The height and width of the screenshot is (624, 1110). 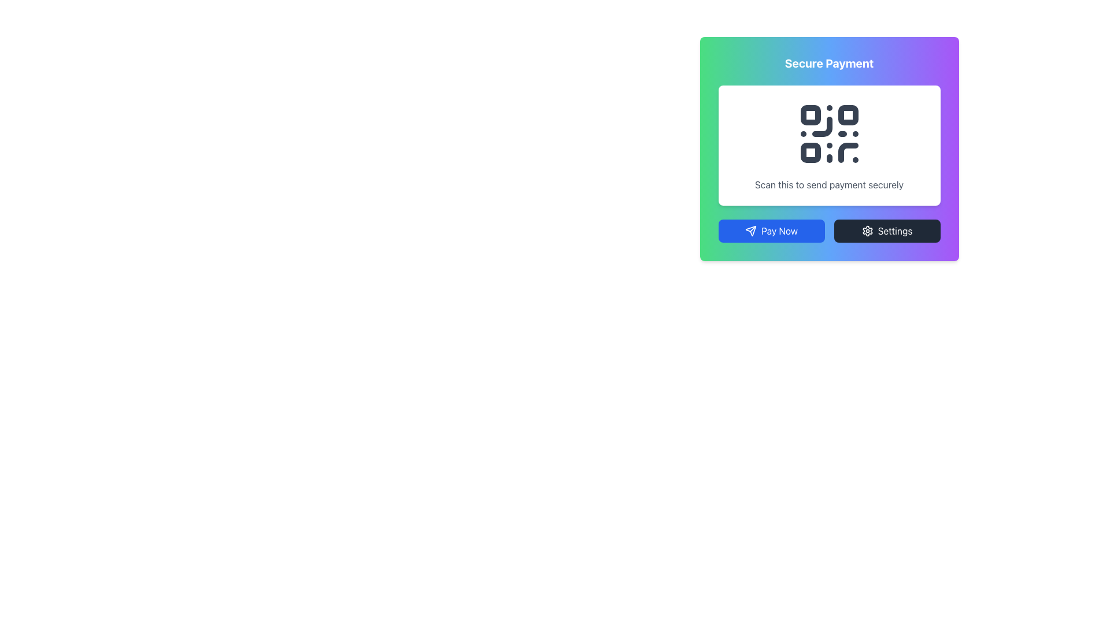 What do you see at coordinates (809, 115) in the screenshot?
I see `the first square of the QR code, which is part of the SVG rectangle for secure payment scanning located at the top-left corner of the QR code pattern` at bounding box center [809, 115].